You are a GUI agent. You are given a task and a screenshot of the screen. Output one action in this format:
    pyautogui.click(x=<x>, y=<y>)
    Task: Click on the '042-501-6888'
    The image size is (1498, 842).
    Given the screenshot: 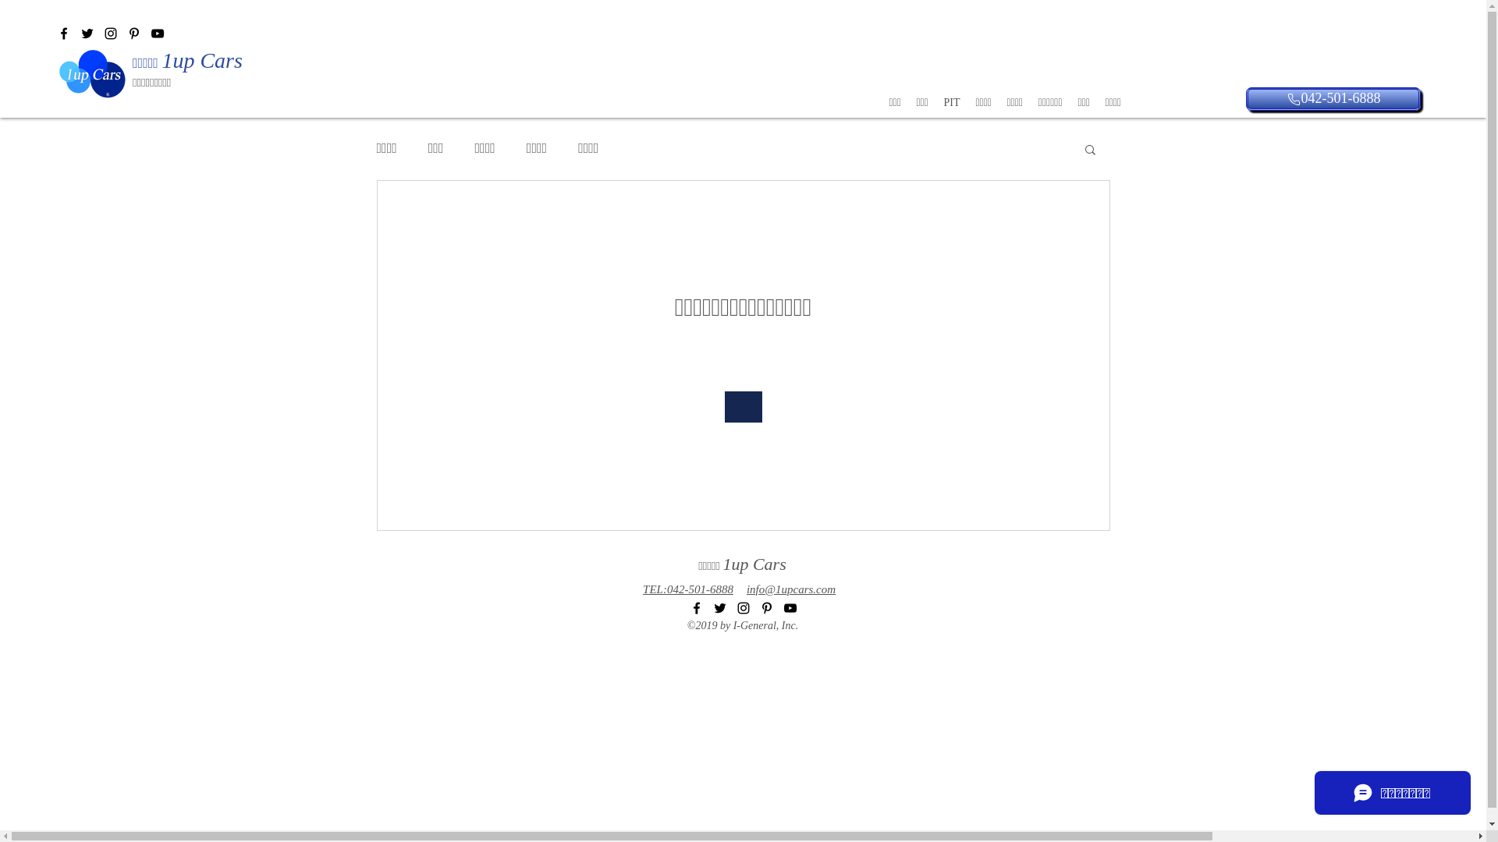 What is the action you would take?
    pyautogui.click(x=1332, y=99)
    